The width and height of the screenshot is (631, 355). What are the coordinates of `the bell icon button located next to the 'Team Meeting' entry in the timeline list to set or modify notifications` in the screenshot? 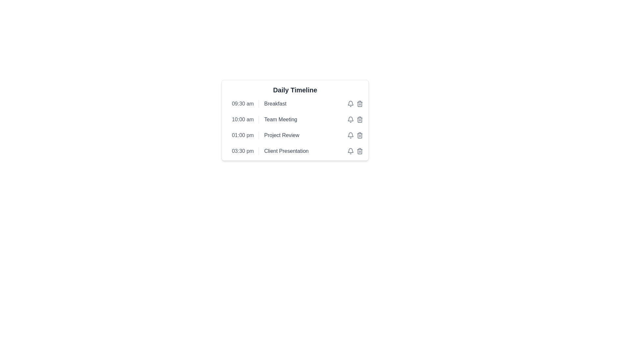 It's located at (350, 119).